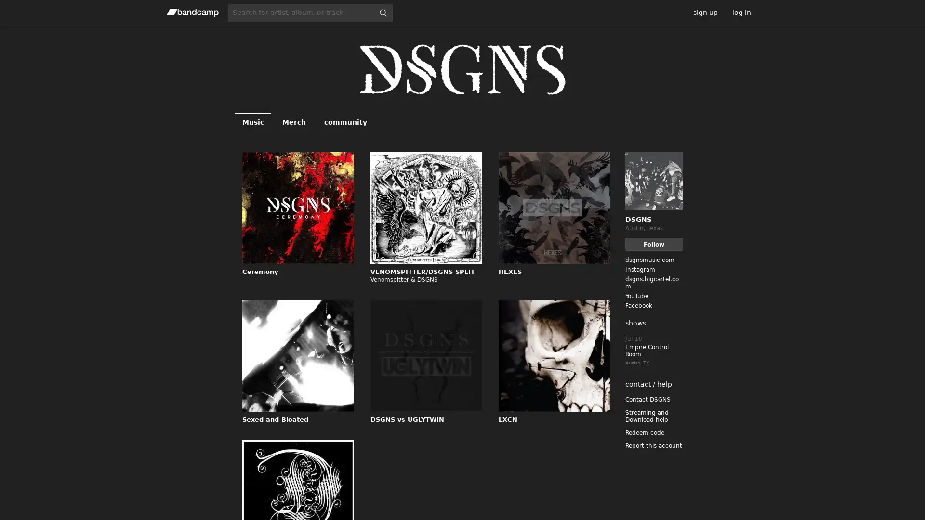 This screenshot has width=925, height=520. Describe the element at coordinates (383, 13) in the screenshot. I see `submit for full search page` at that location.